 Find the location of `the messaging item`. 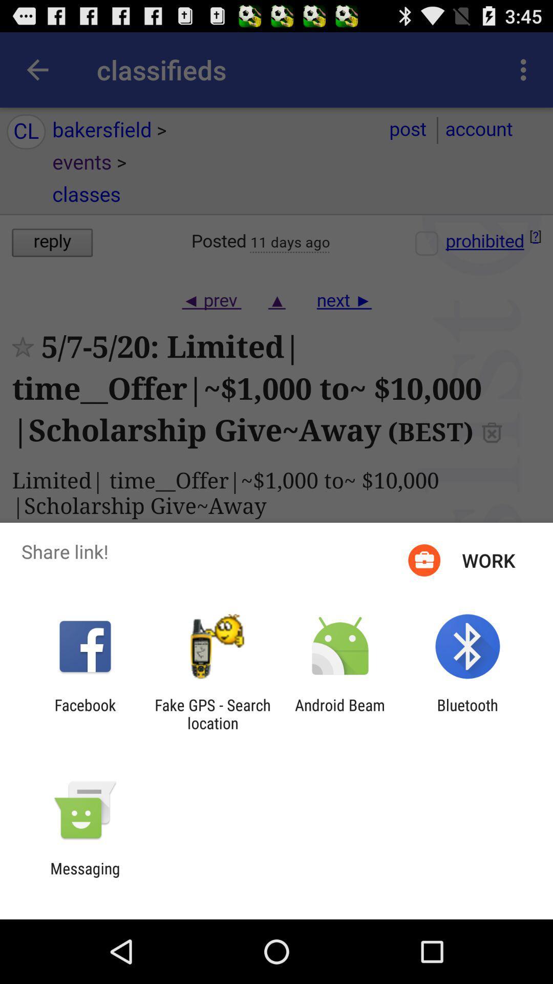

the messaging item is located at coordinates (84, 877).